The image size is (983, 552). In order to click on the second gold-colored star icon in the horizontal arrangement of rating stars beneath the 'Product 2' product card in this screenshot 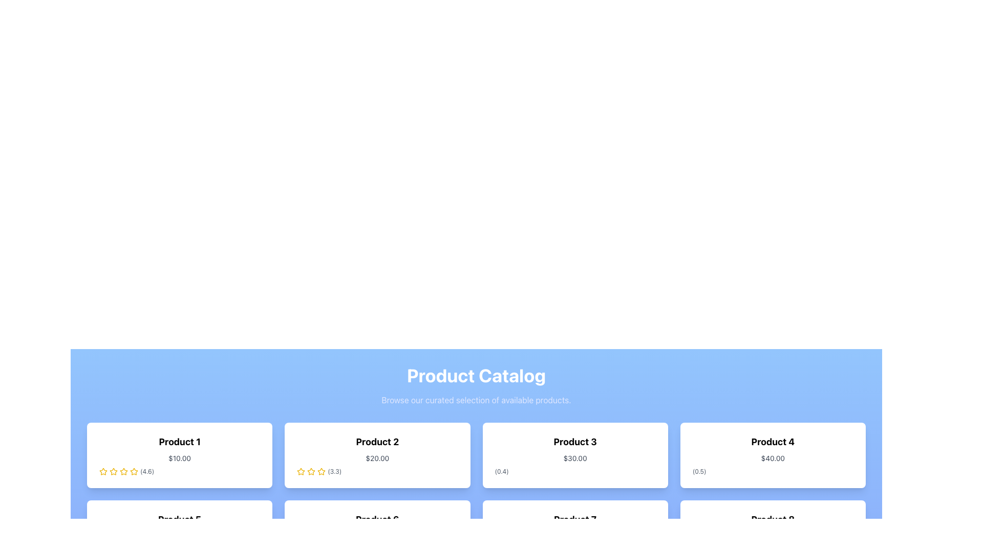, I will do `click(311, 471)`.